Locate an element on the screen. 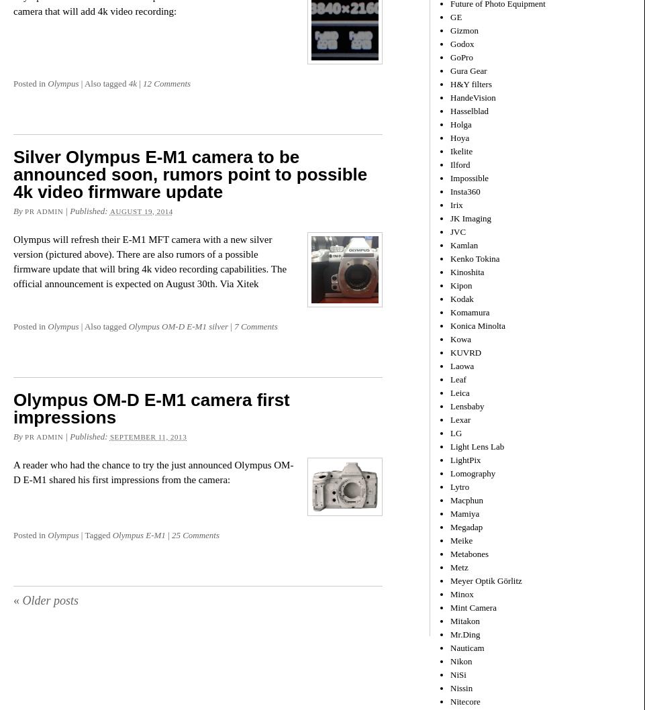  'Metz' is located at coordinates (458, 566).